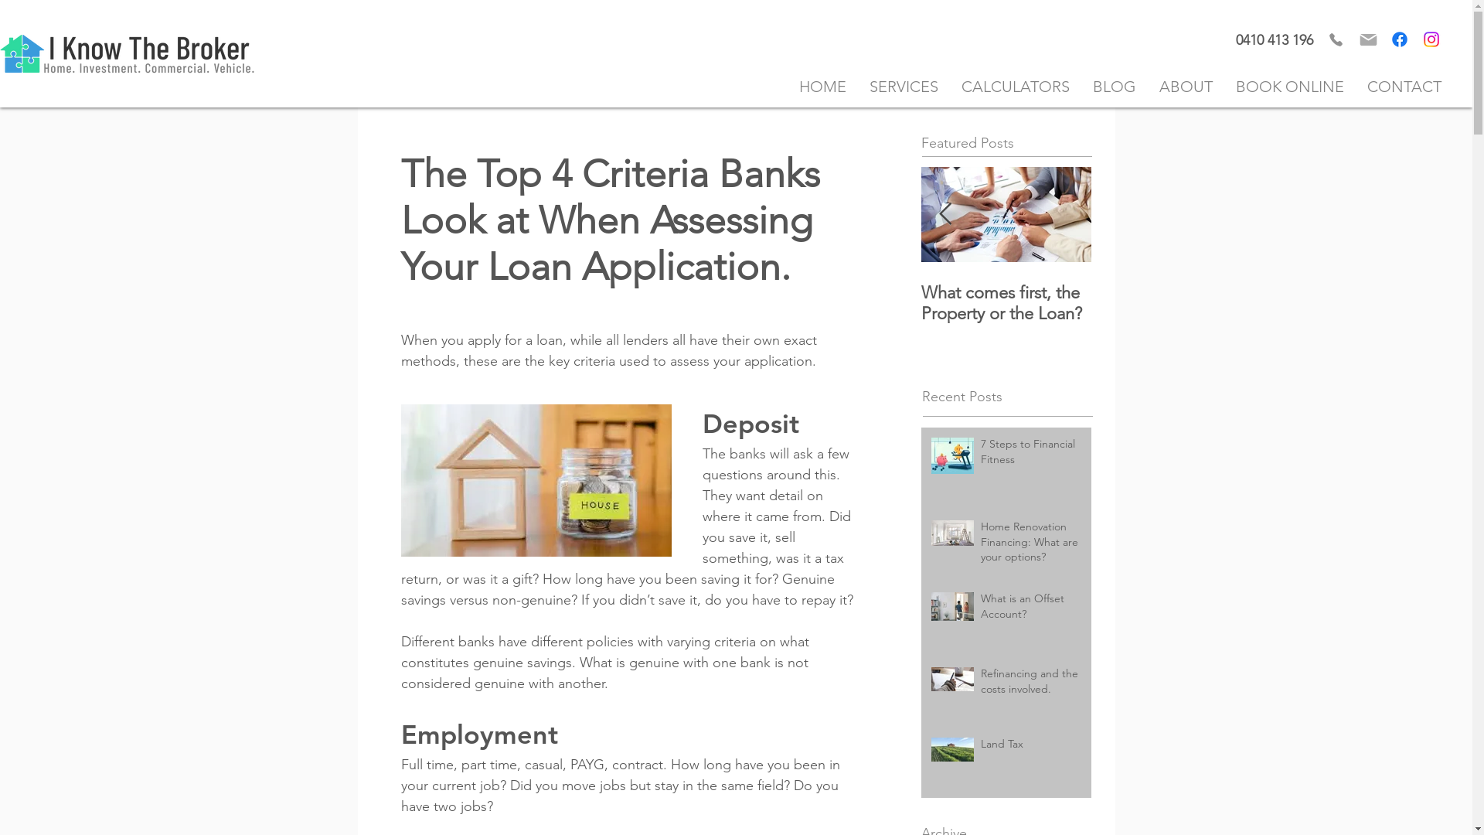 Image resolution: width=1484 pixels, height=835 pixels. What do you see at coordinates (1290, 86) in the screenshot?
I see `'BOOK ONLINE'` at bounding box center [1290, 86].